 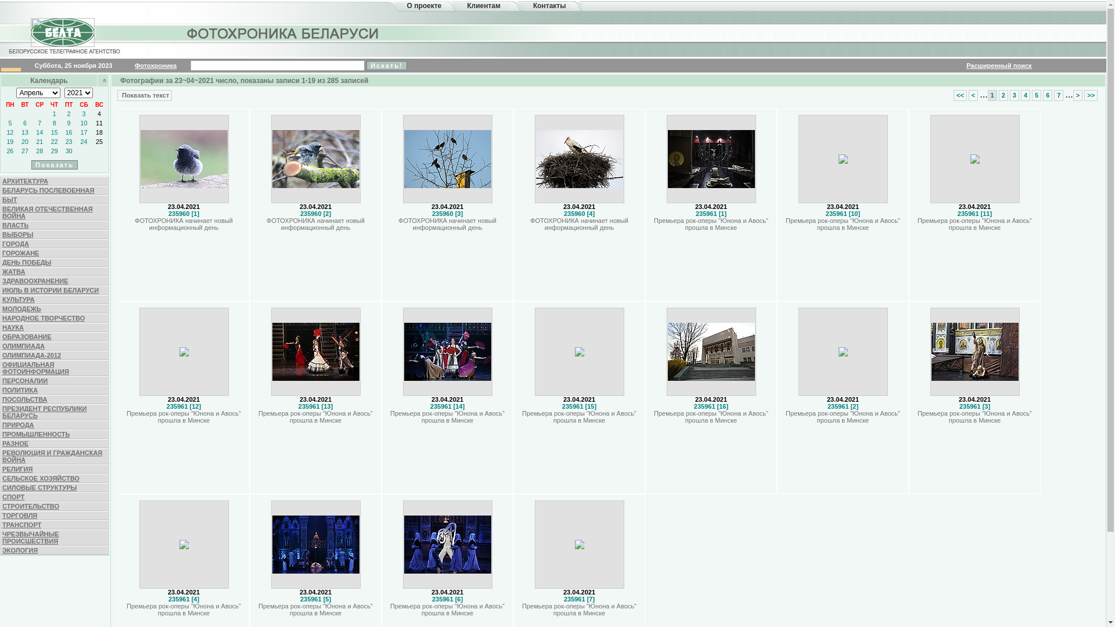 What do you see at coordinates (1003, 94) in the screenshot?
I see `'2'` at bounding box center [1003, 94].